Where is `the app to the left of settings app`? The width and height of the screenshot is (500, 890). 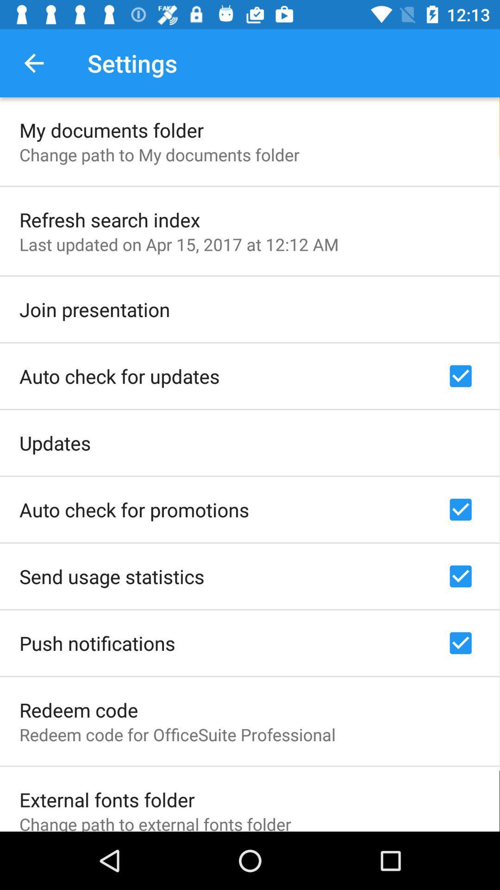 the app to the left of settings app is located at coordinates (33, 63).